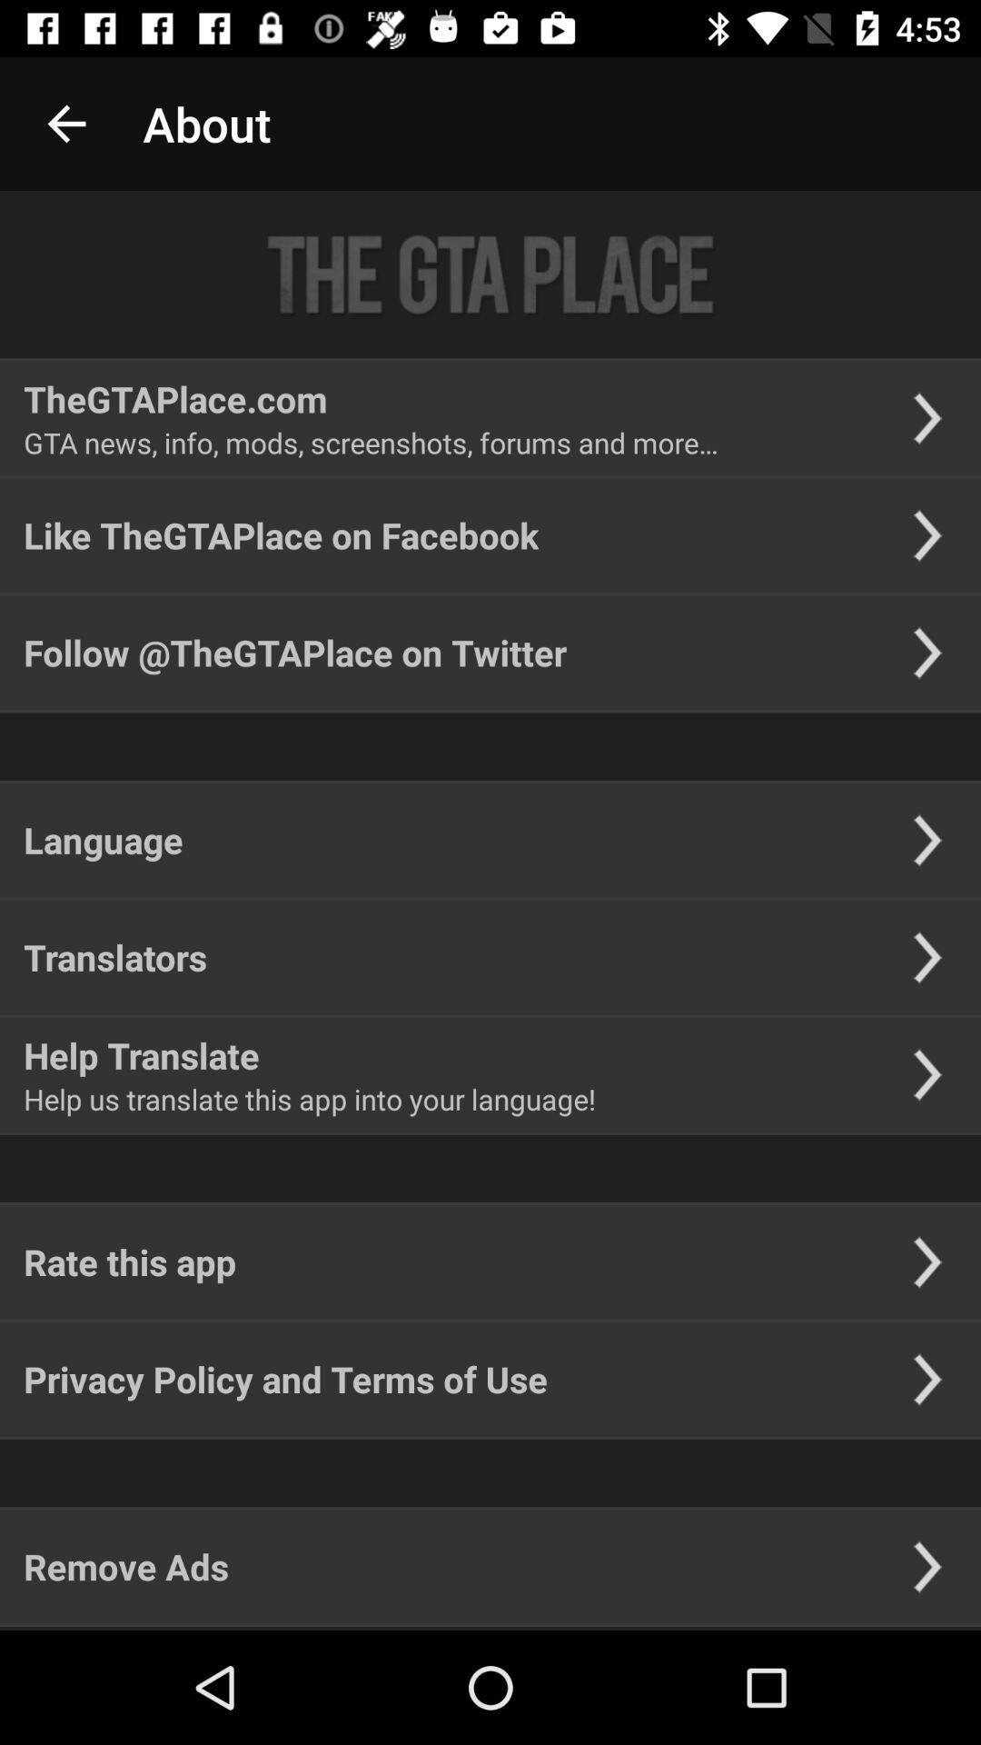 This screenshot has width=981, height=1745. I want to click on icon next to the about item, so click(65, 123).